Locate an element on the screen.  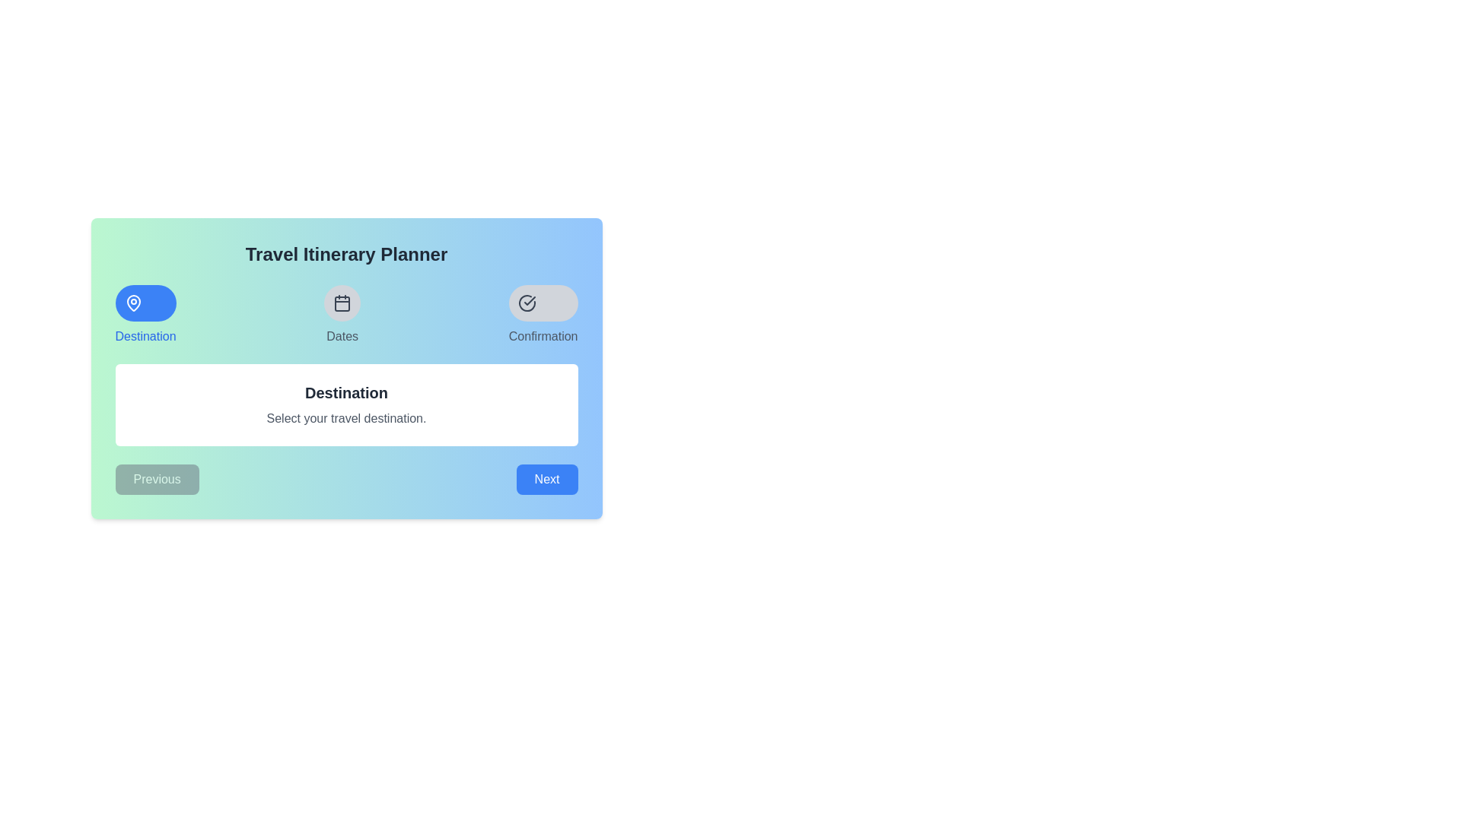
the circular button with a calendar icon located in the top row of the interface is located at coordinates (342, 303).